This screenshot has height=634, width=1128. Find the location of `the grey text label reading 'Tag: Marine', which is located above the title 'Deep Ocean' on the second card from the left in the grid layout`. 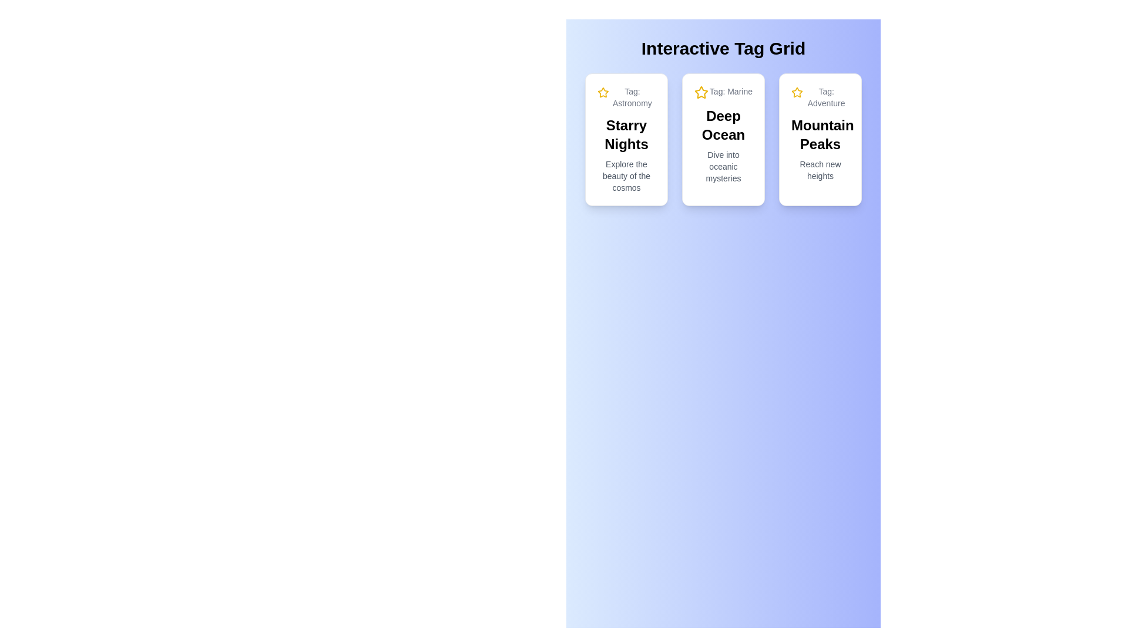

the grey text label reading 'Tag: Marine', which is located above the title 'Deep Ocean' on the second card from the left in the grid layout is located at coordinates (730, 92).